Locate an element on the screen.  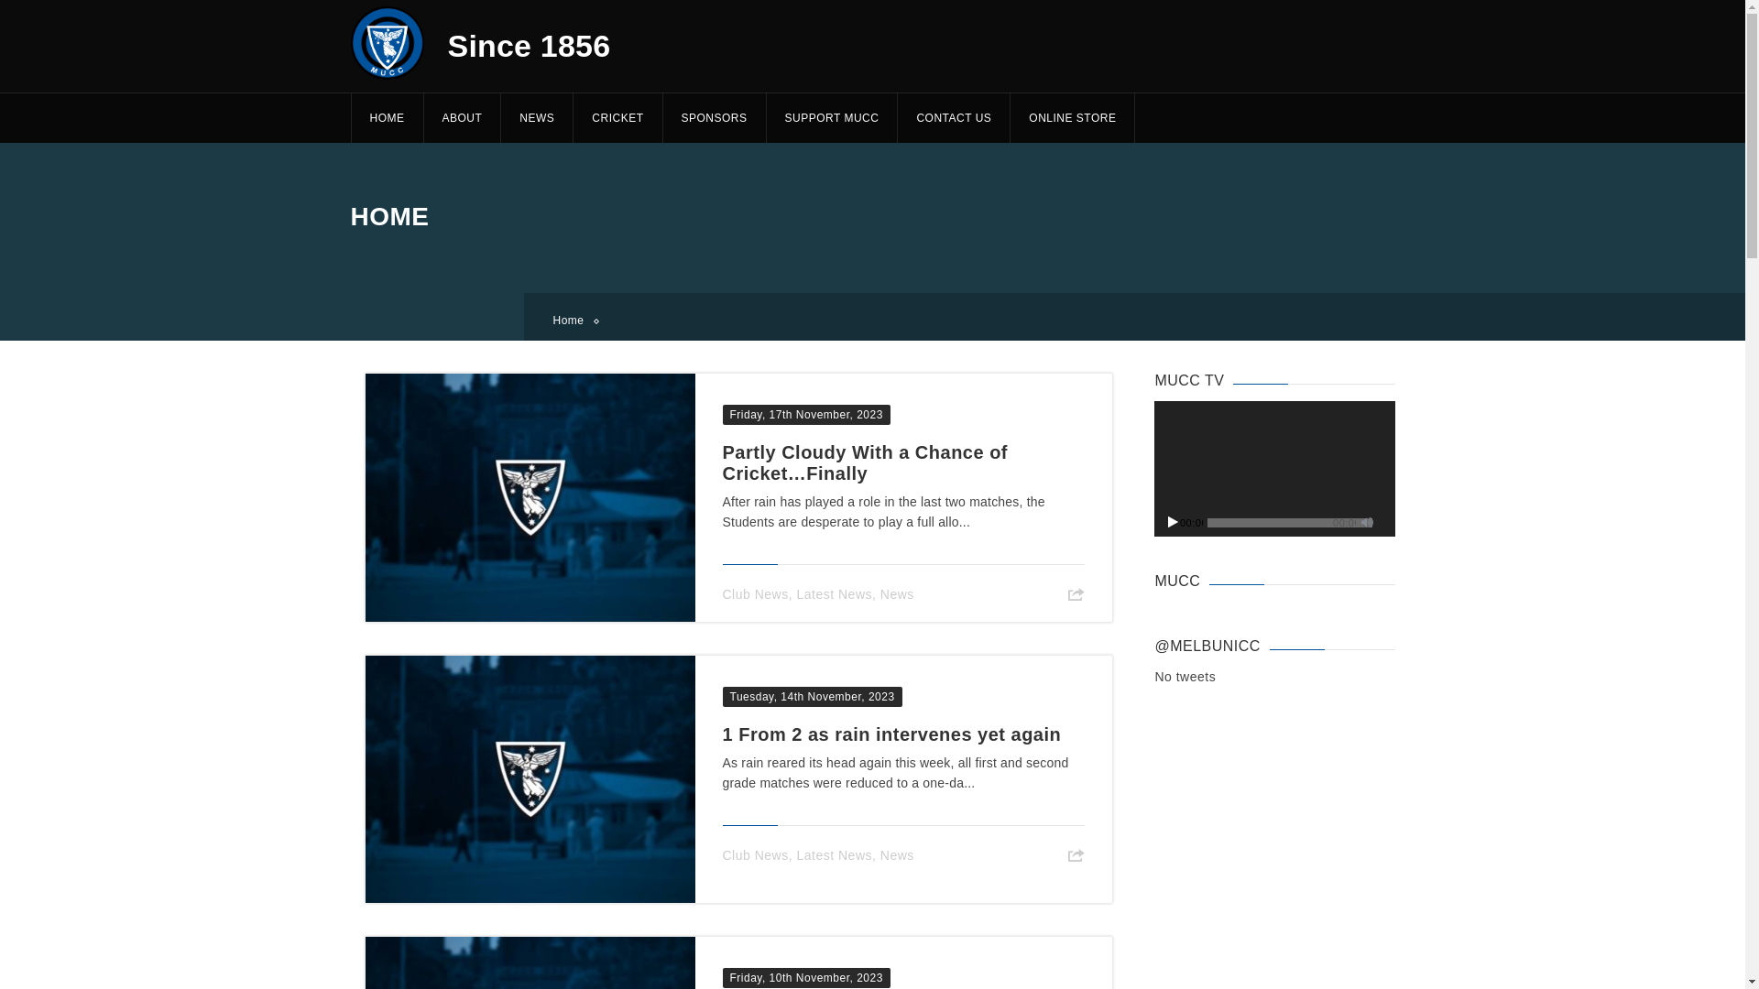
'ABOUT' is located at coordinates (462, 117).